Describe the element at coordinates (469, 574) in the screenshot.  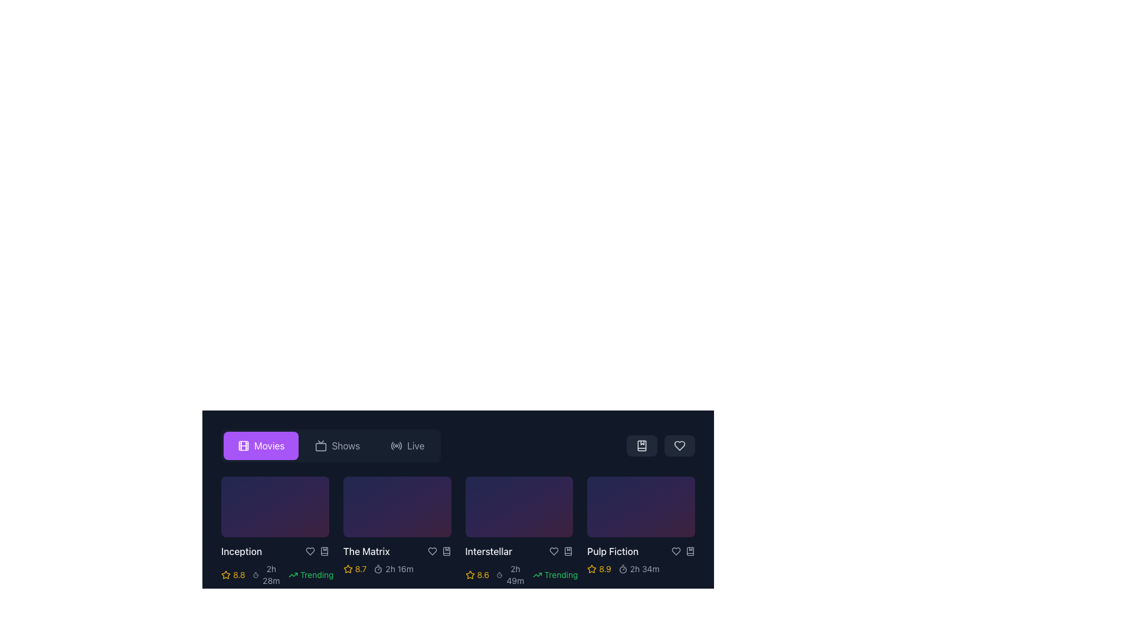
I see `the yellow star icon representing the rating for the movie 'Interstellar' located in the row of movie cards` at that location.